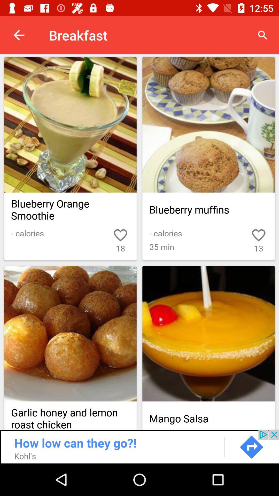  Describe the element at coordinates (70, 334) in the screenshot. I see `garlic honey and lemon roast chicken` at that location.